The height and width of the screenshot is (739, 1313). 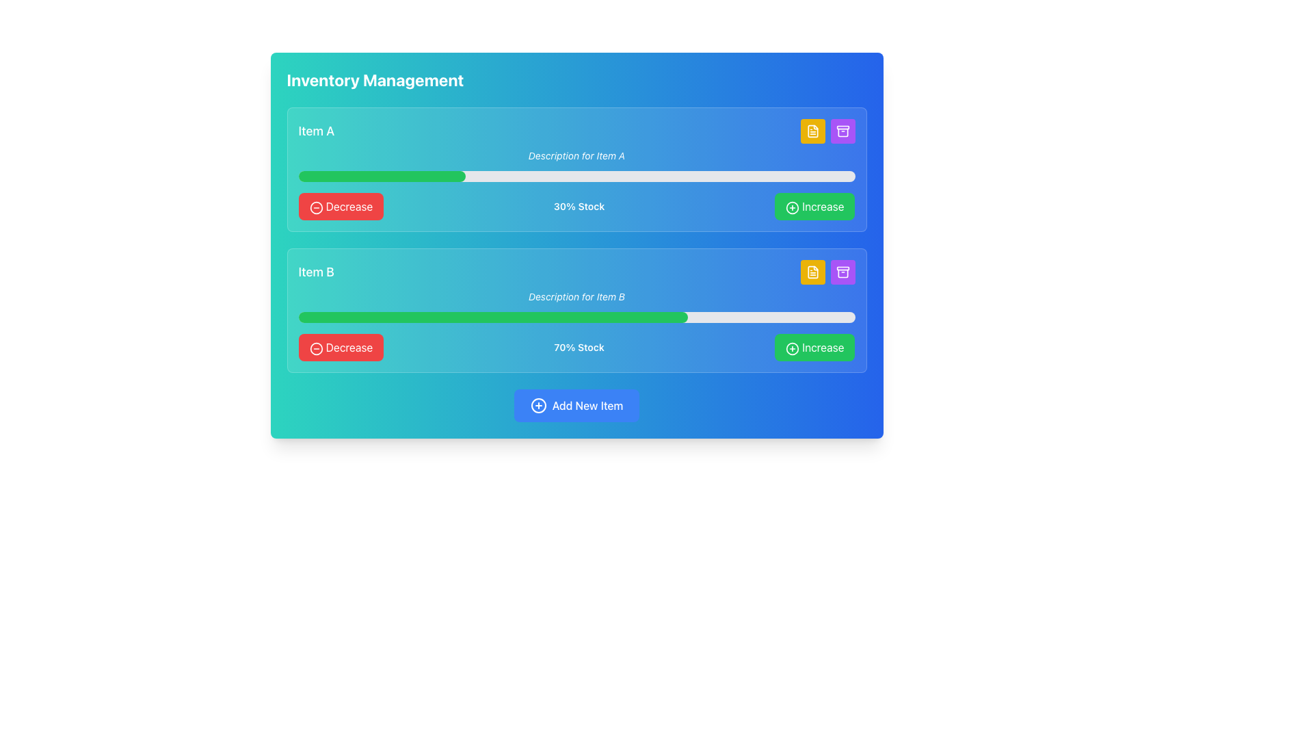 I want to click on the Progress bar located below the description text and above the stock value and action buttons of Item B to inspect its details, so click(x=576, y=317).